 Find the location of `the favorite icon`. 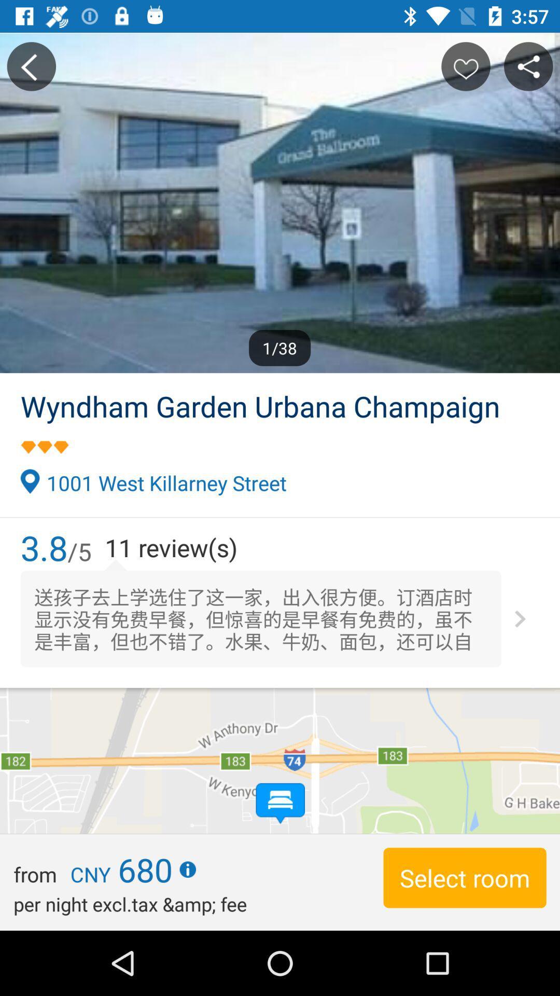

the favorite icon is located at coordinates (465, 66).